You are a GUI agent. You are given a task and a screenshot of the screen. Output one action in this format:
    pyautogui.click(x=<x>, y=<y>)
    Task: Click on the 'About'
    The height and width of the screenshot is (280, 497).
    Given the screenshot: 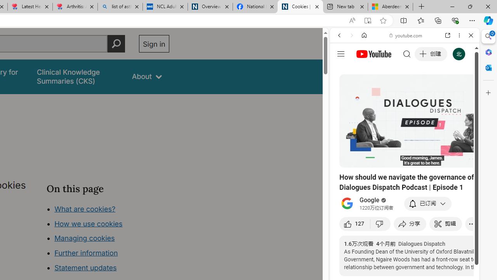 What is the action you would take?
    pyautogui.click(x=147, y=77)
    